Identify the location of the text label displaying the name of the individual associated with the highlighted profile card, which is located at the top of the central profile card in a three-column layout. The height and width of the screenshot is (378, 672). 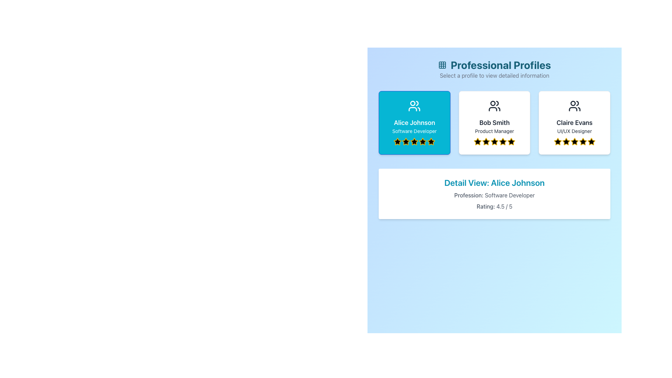
(494, 122).